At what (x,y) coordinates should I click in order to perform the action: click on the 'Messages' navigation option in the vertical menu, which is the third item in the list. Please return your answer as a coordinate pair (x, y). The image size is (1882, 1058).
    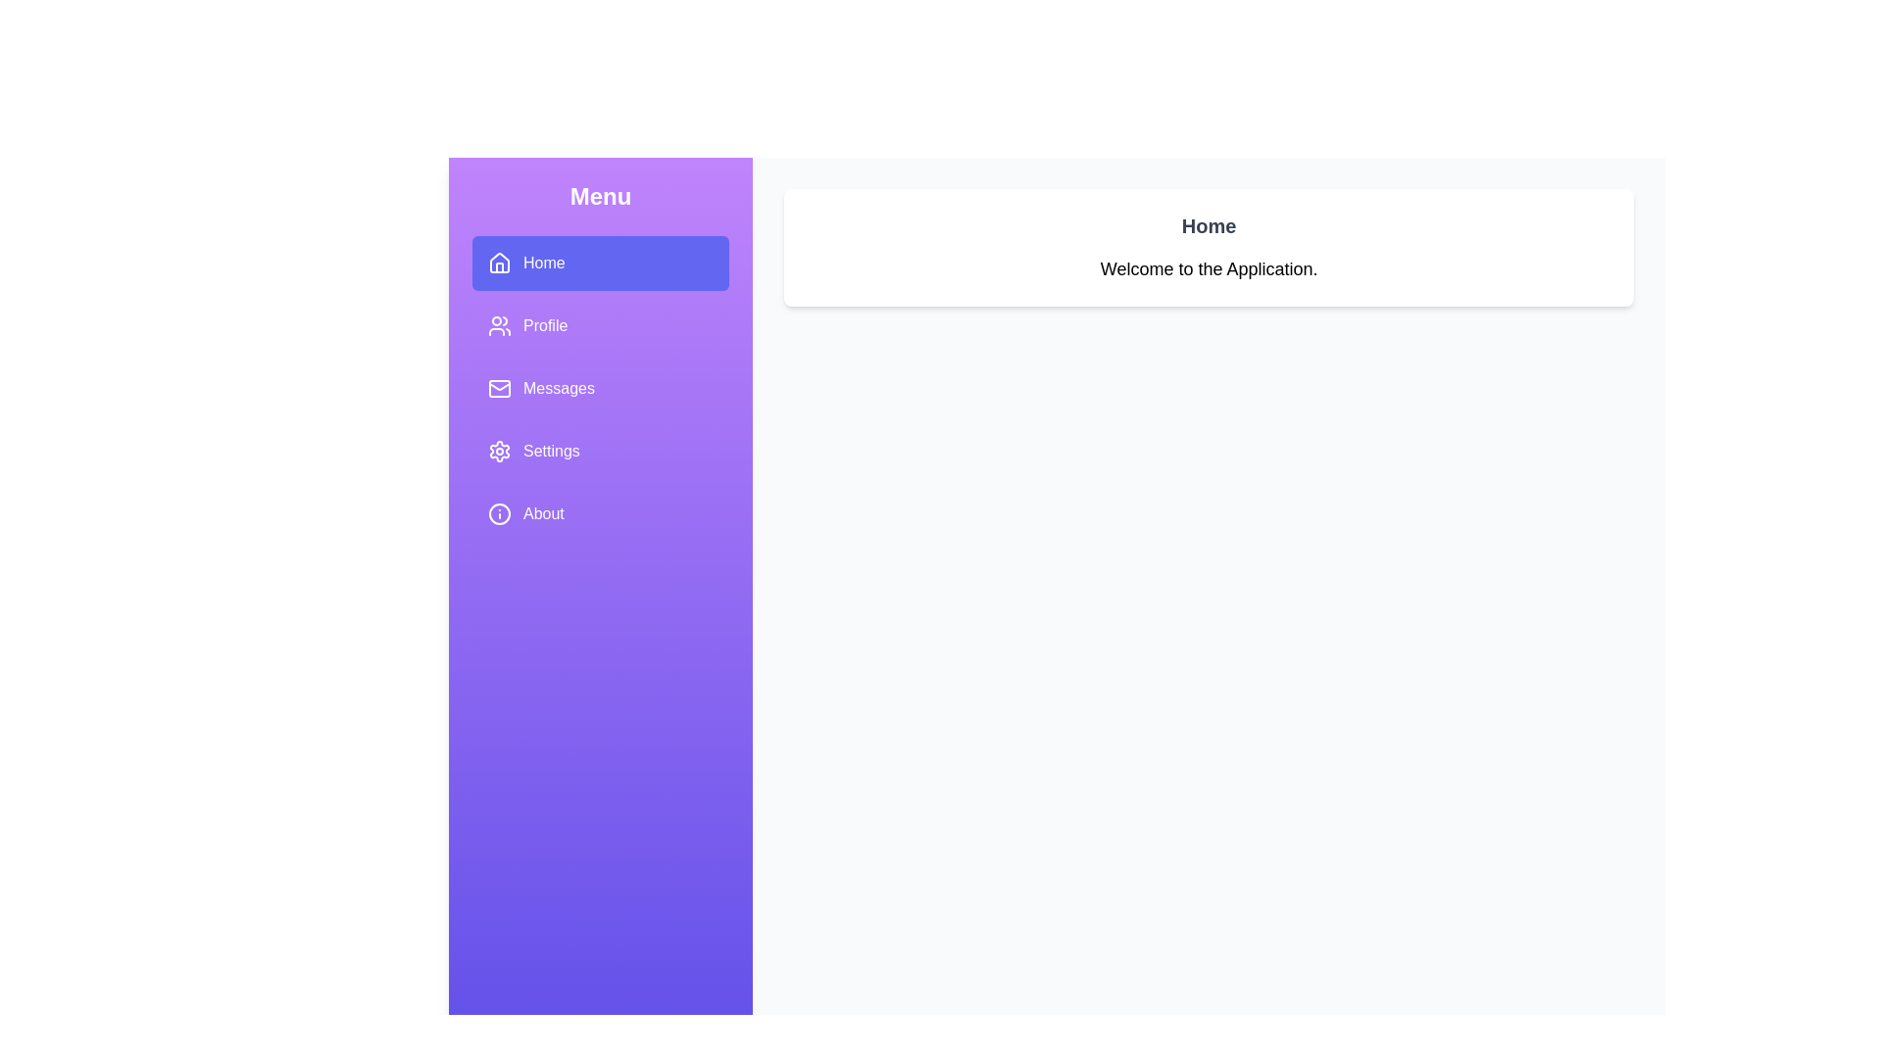
    Looking at the image, I should click on (558, 389).